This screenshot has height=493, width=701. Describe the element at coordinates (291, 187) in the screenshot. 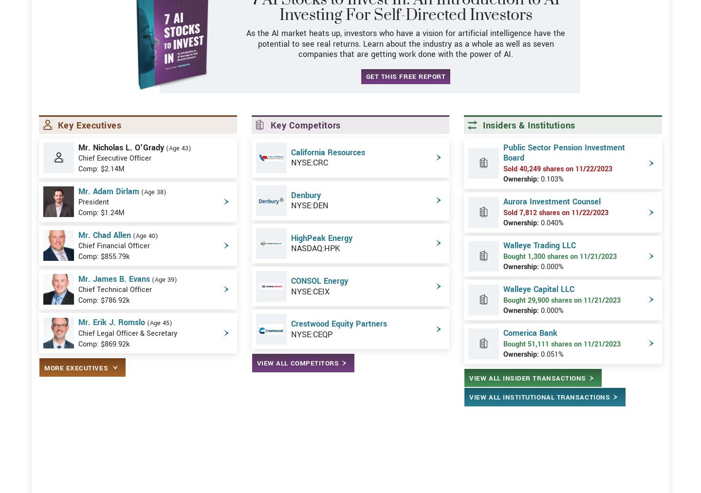

I see `'California Resources'` at that location.